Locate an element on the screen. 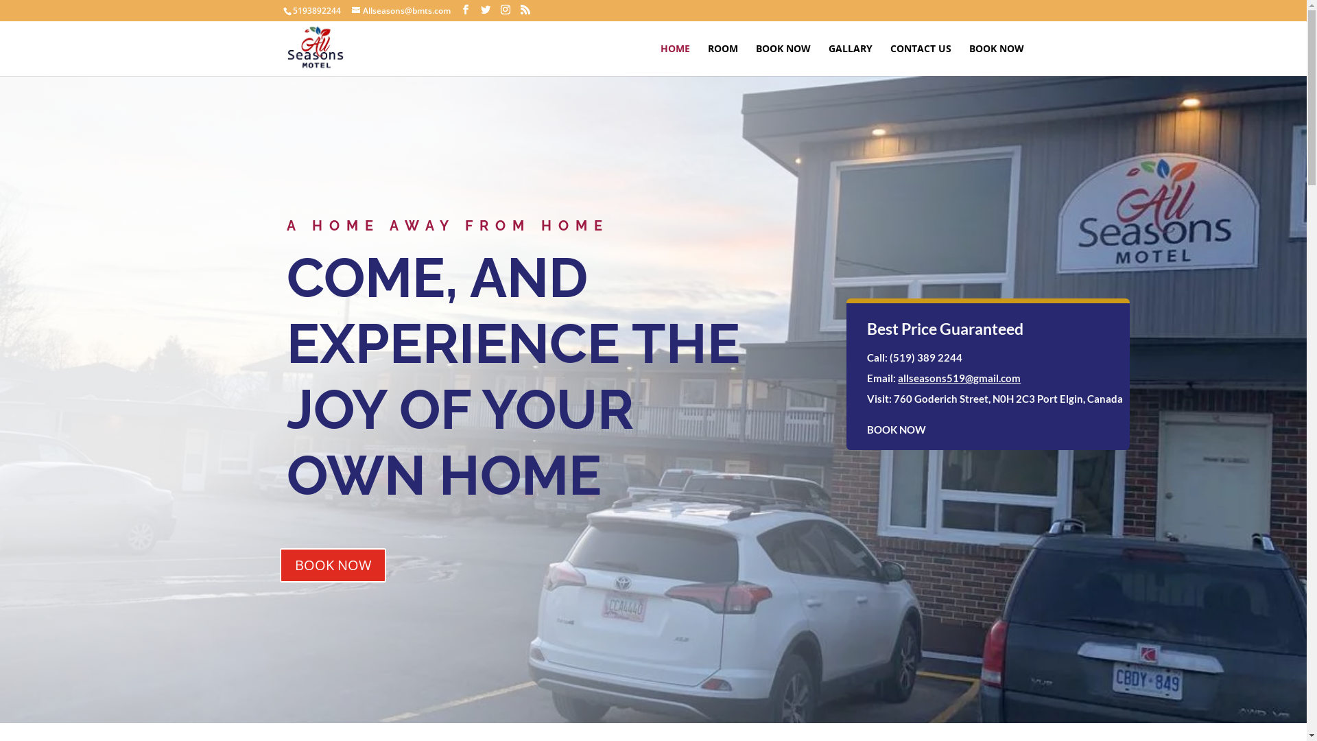 Image resolution: width=1317 pixels, height=741 pixels. 'CONTACT US' is located at coordinates (921, 59).